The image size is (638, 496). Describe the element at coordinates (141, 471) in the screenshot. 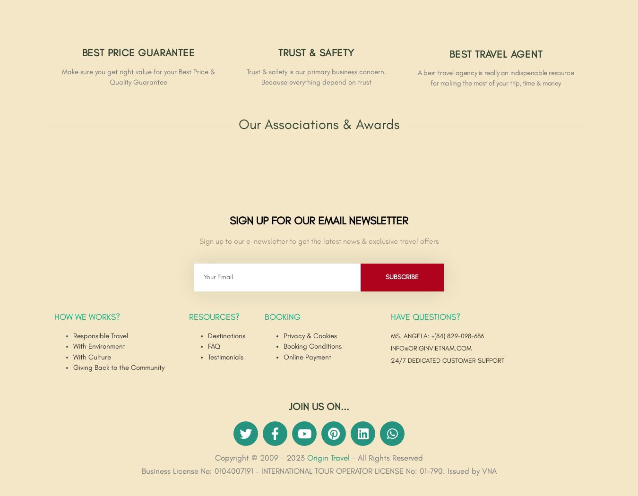

I see `'Business License No: 0104007191 – INTERNATIONAL TOUR OPERATOR LICENSE No: 01-790. Issued by VNA'` at that location.